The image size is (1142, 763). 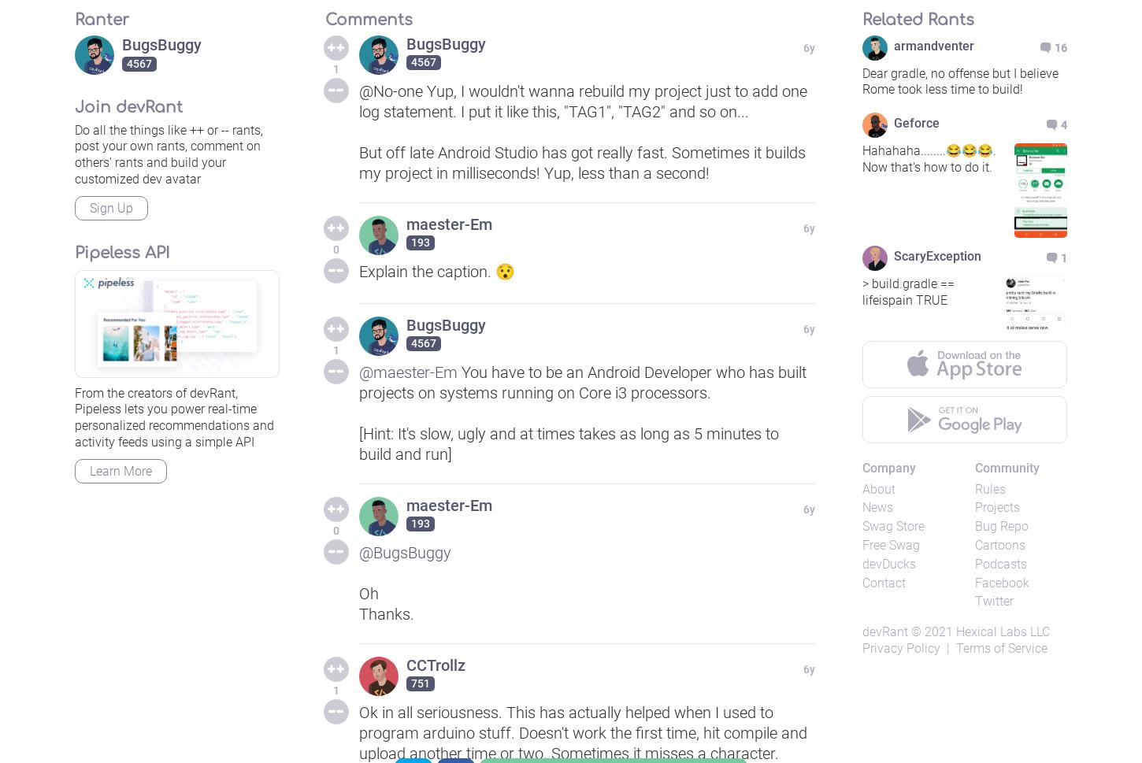 I want to click on 'Dear gradle, no offense but I believe Rome took less time to build!', so click(x=960, y=81).